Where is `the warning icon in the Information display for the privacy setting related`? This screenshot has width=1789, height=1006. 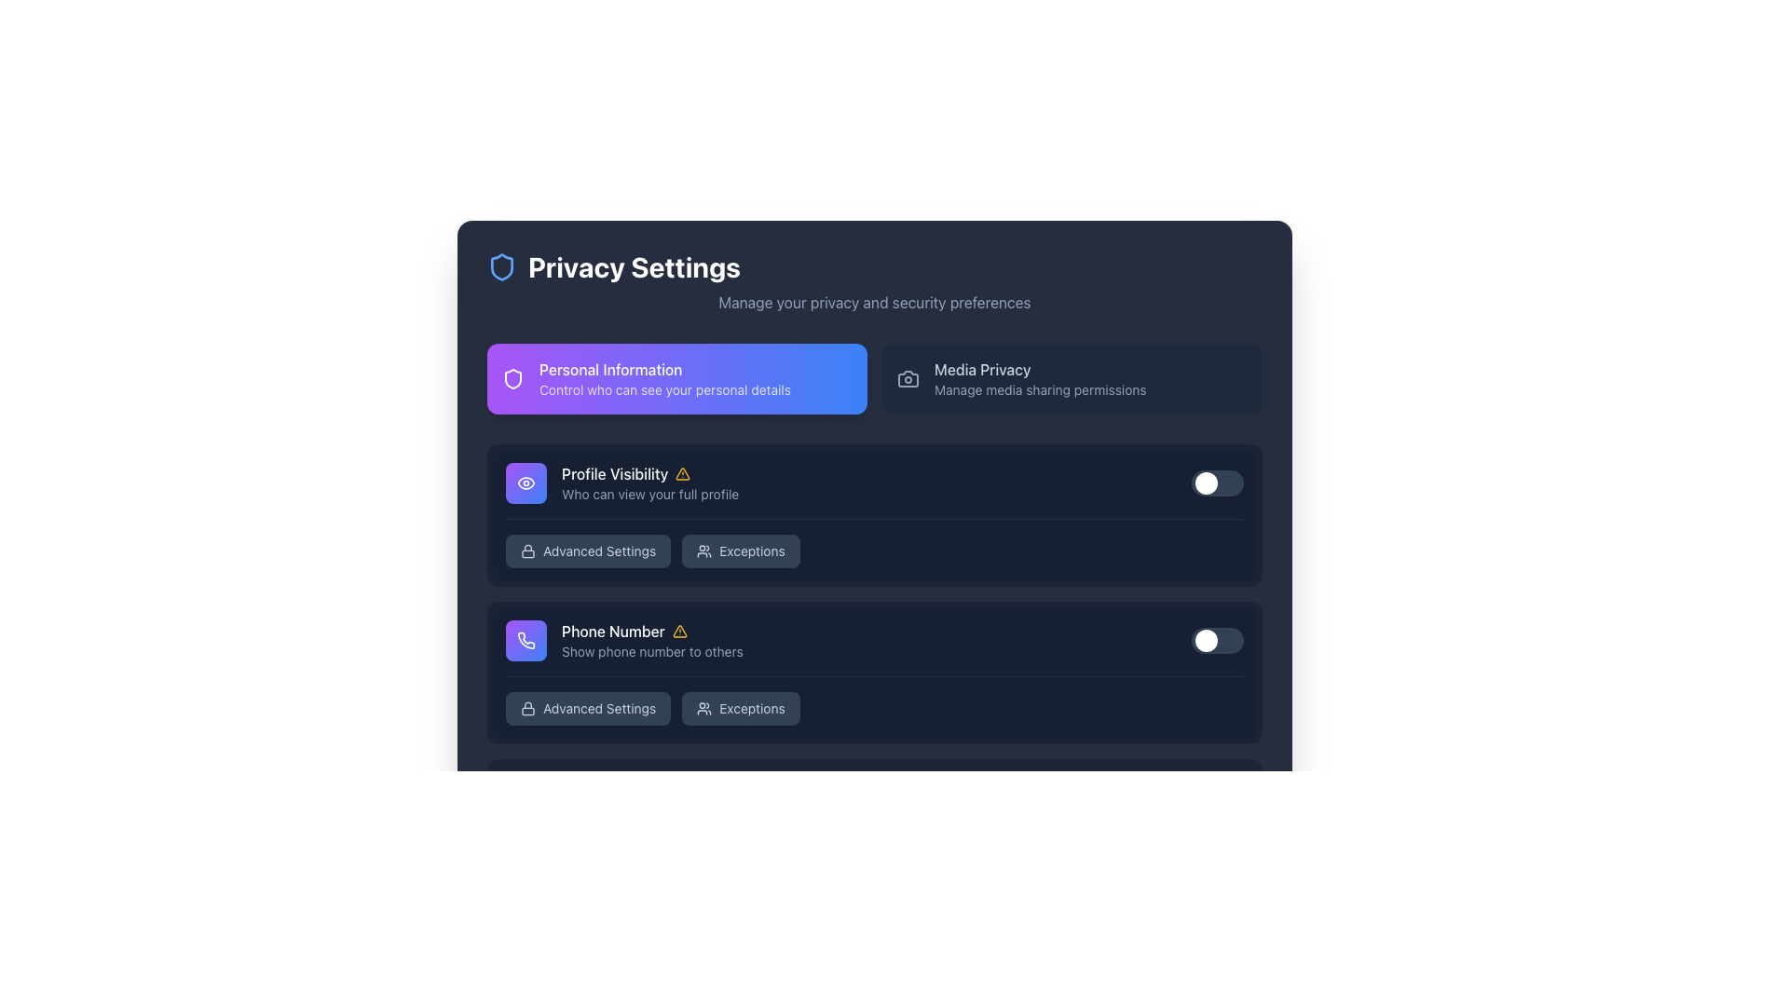 the warning icon in the Information display for the privacy setting related is located at coordinates (624, 639).